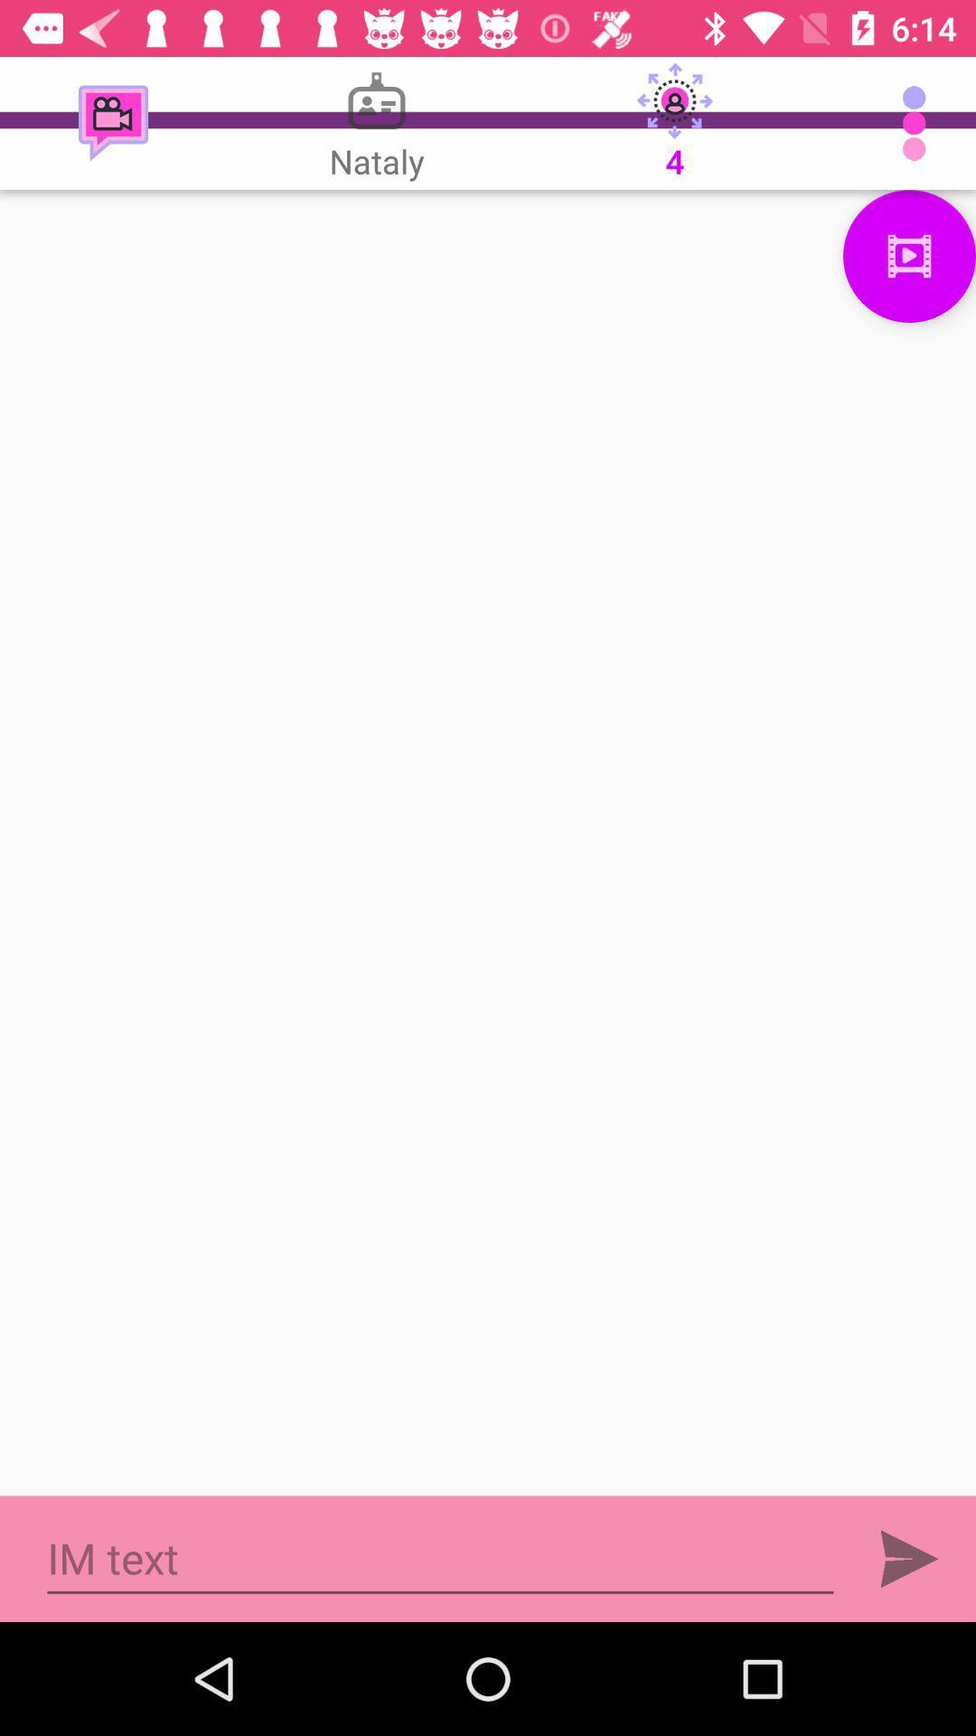 Image resolution: width=976 pixels, height=1736 pixels. What do you see at coordinates (909, 1558) in the screenshot?
I see `telegram` at bounding box center [909, 1558].